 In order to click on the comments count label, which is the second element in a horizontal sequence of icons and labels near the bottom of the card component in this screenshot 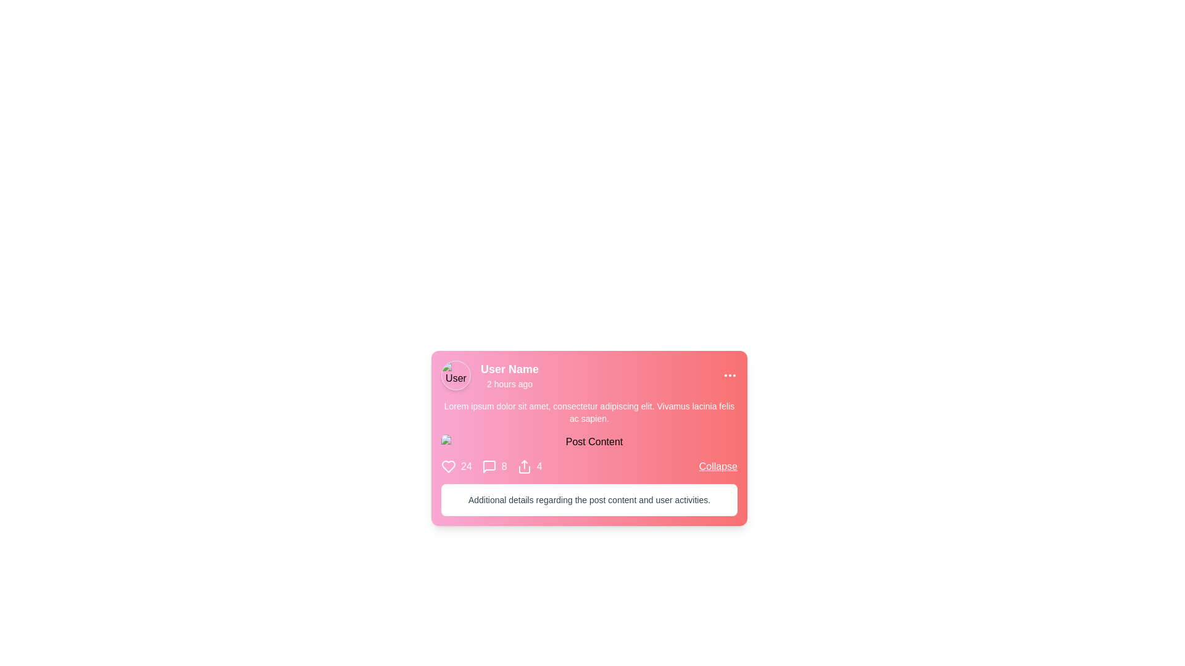, I will do `click(491, 466)`.